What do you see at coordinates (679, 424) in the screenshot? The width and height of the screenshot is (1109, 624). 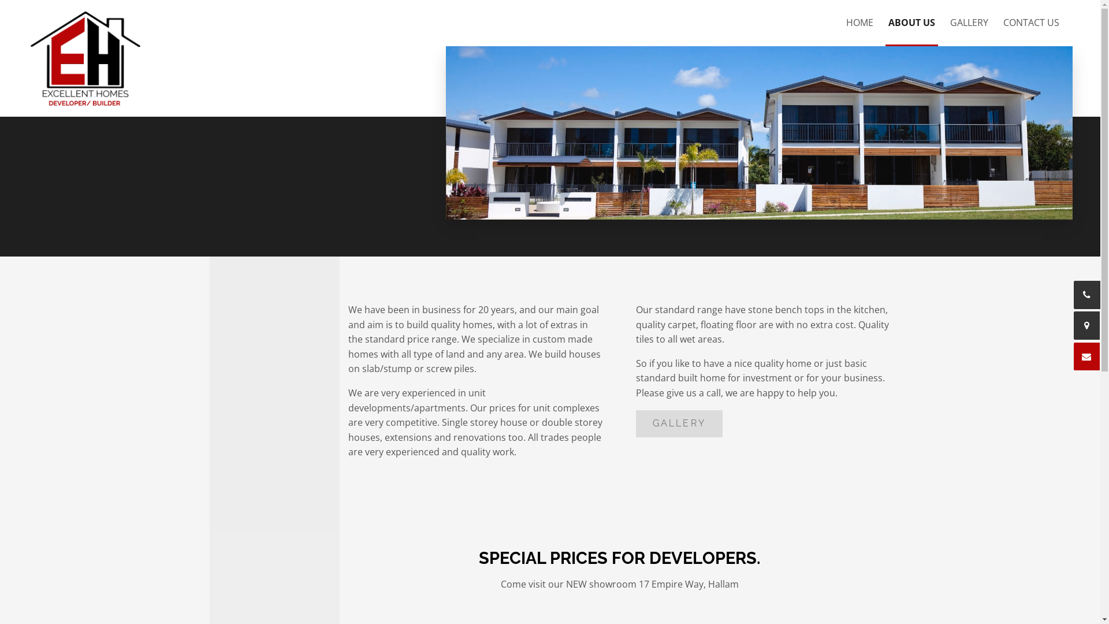 I see `'GALLERY'` at bounding box center [679, 424].